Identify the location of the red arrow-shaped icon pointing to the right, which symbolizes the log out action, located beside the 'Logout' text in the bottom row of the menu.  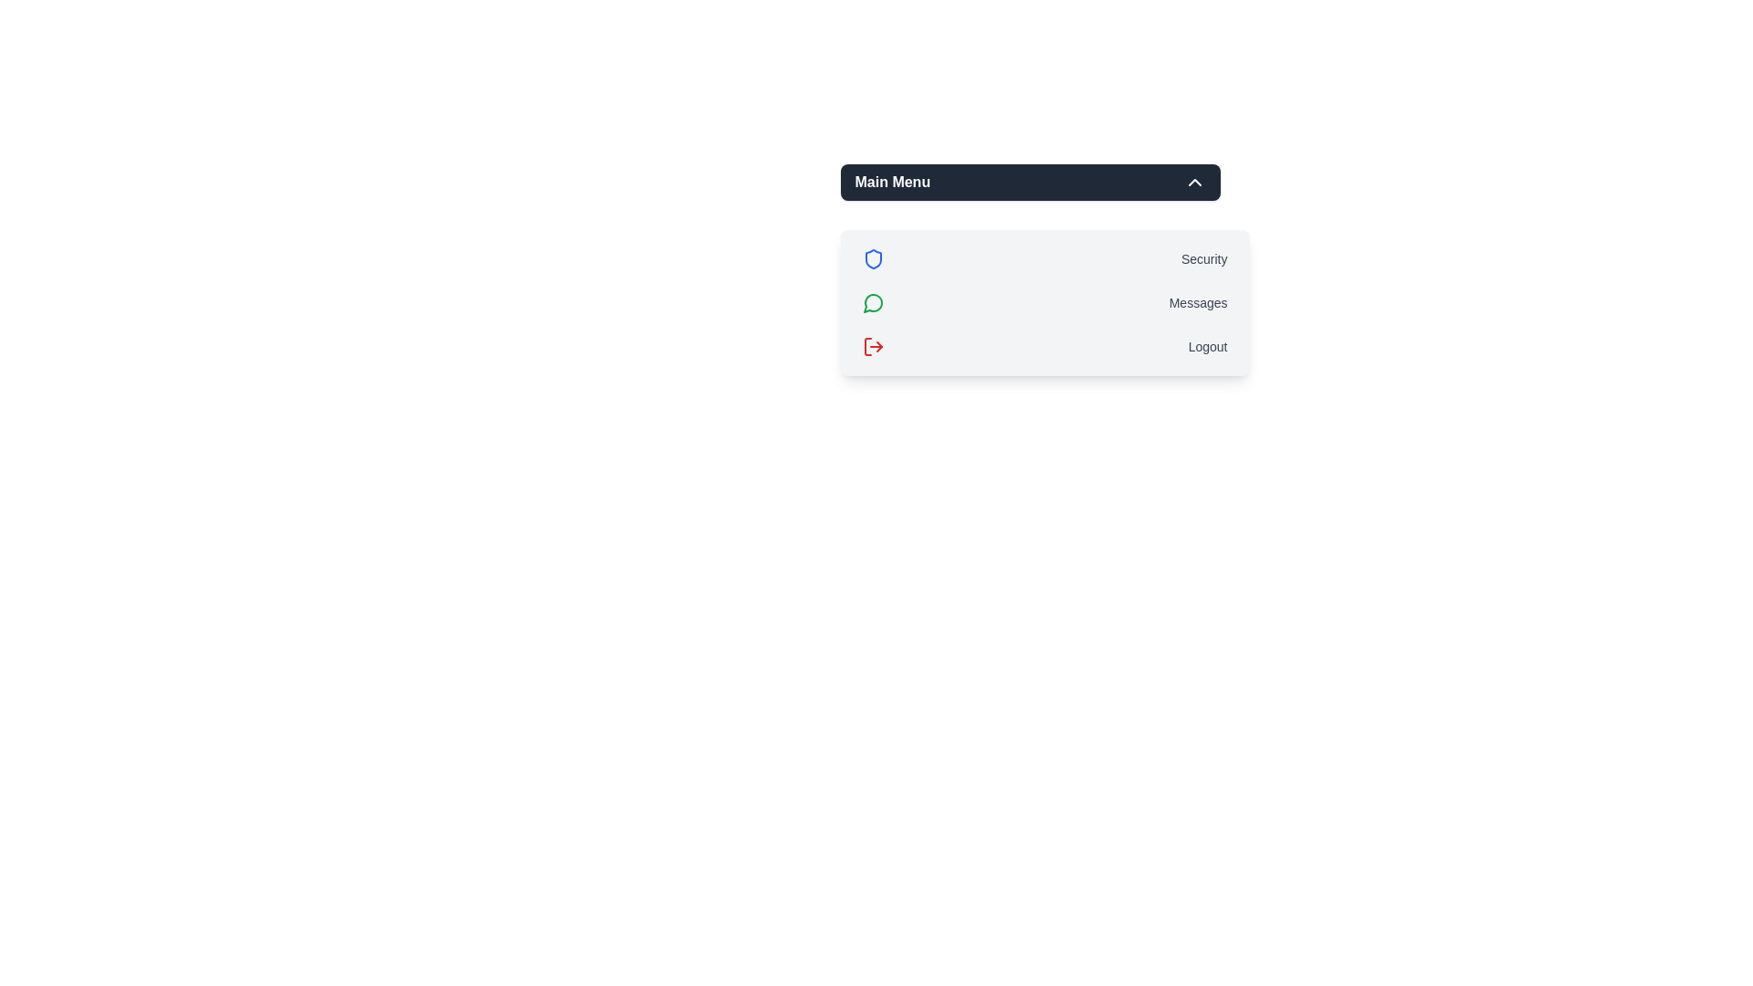
(879, 347).